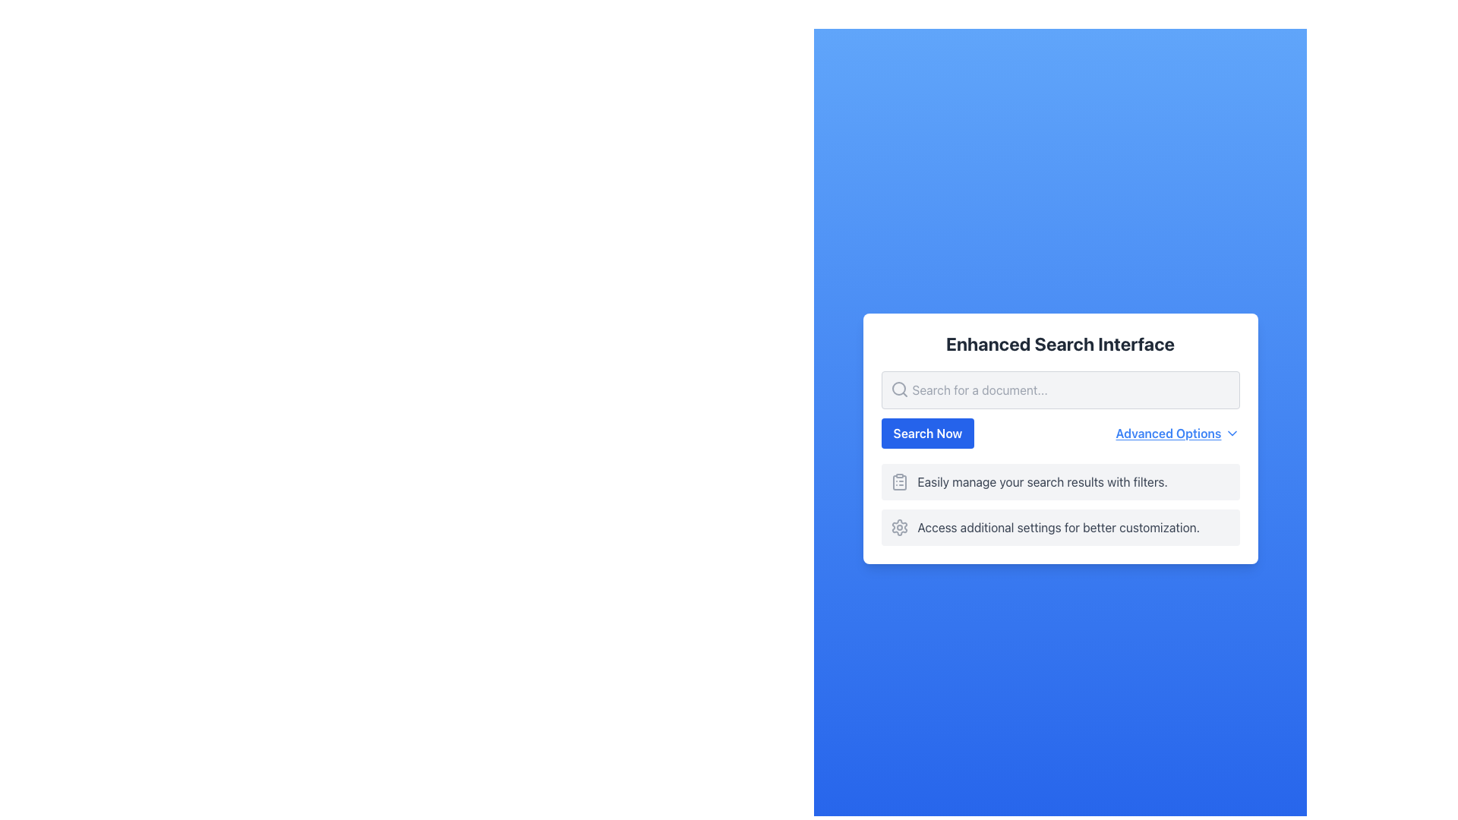 This screenshot has width=1458, height=820. Describe the element at coordinates (899, 526) in the screenshot. I see `the cogwheel-shaped icon representing the settings menu located in the lower-right corner of the 'Enhanced Search Interface' dialog box` at that location.